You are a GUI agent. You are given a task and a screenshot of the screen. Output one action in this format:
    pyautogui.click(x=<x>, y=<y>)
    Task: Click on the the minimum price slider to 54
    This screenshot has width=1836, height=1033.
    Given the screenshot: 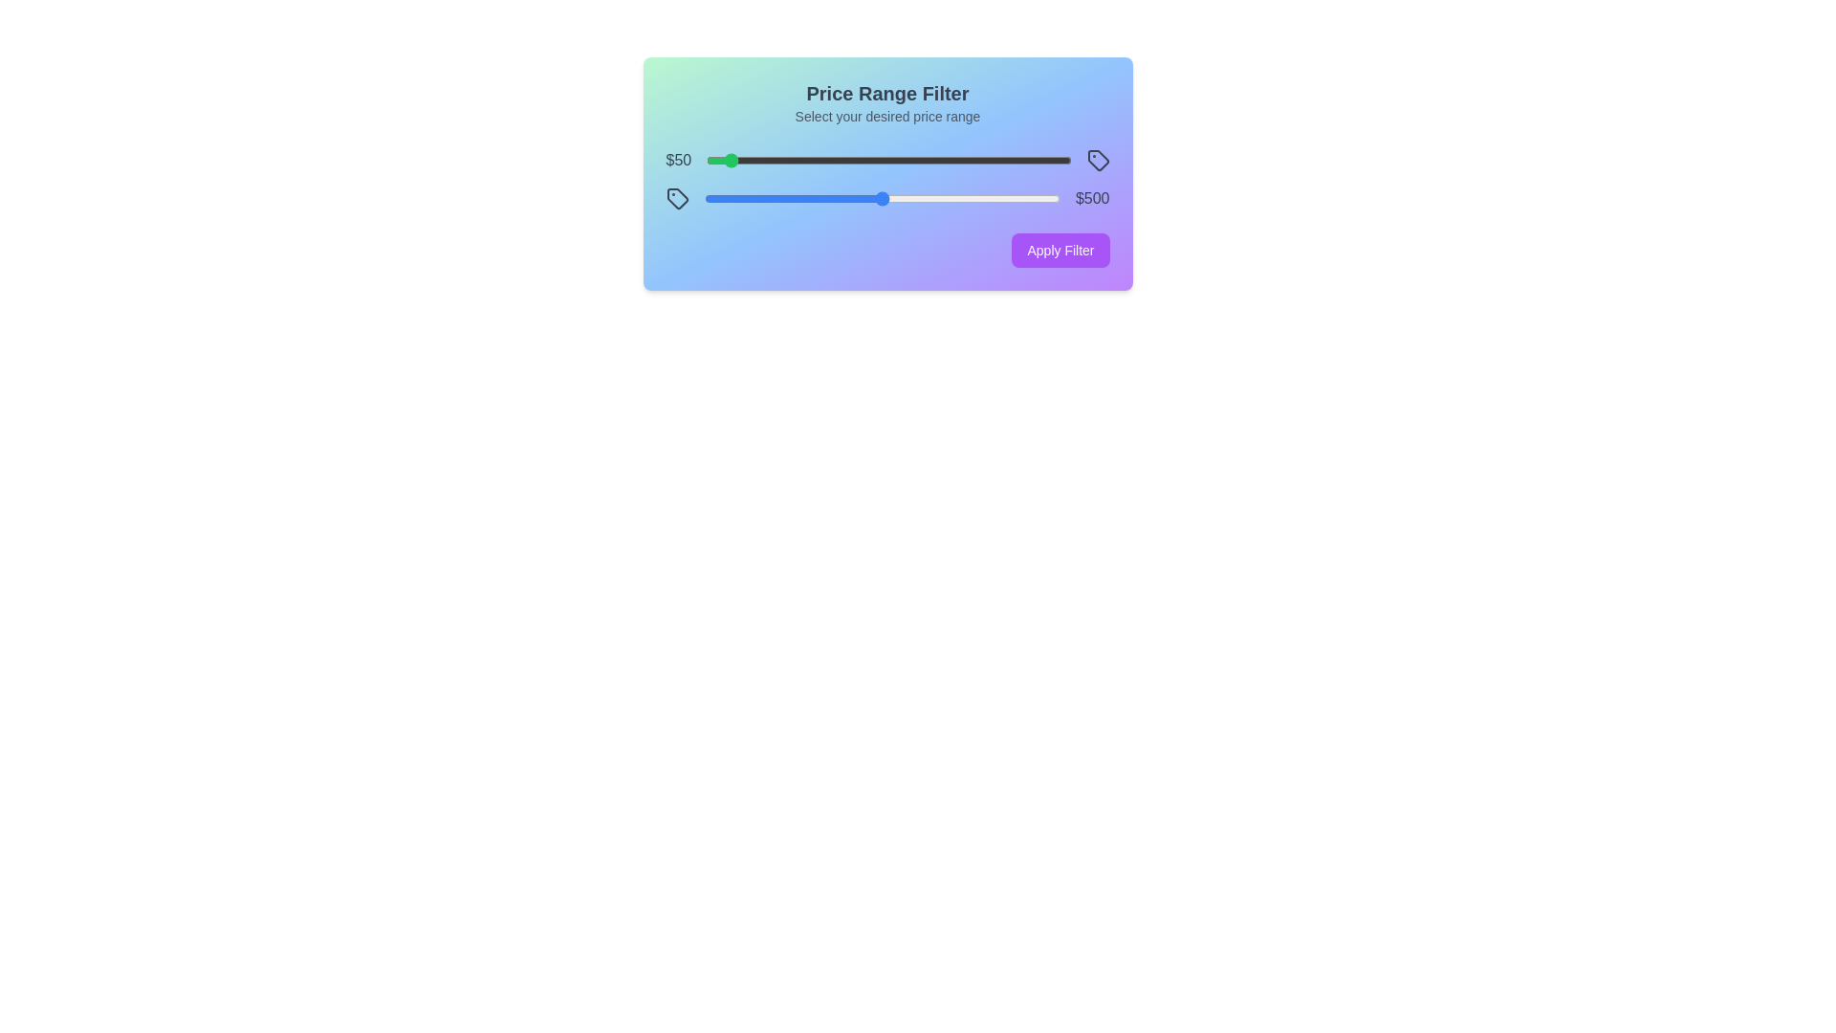 What is the action you would take?
    pyautogui.click(x=725, y=160)
    